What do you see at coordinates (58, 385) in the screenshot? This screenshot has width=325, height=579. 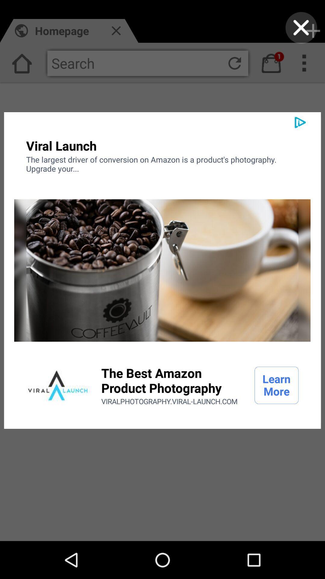 I see `more information on viral launch` at bounding box center [58, 385].